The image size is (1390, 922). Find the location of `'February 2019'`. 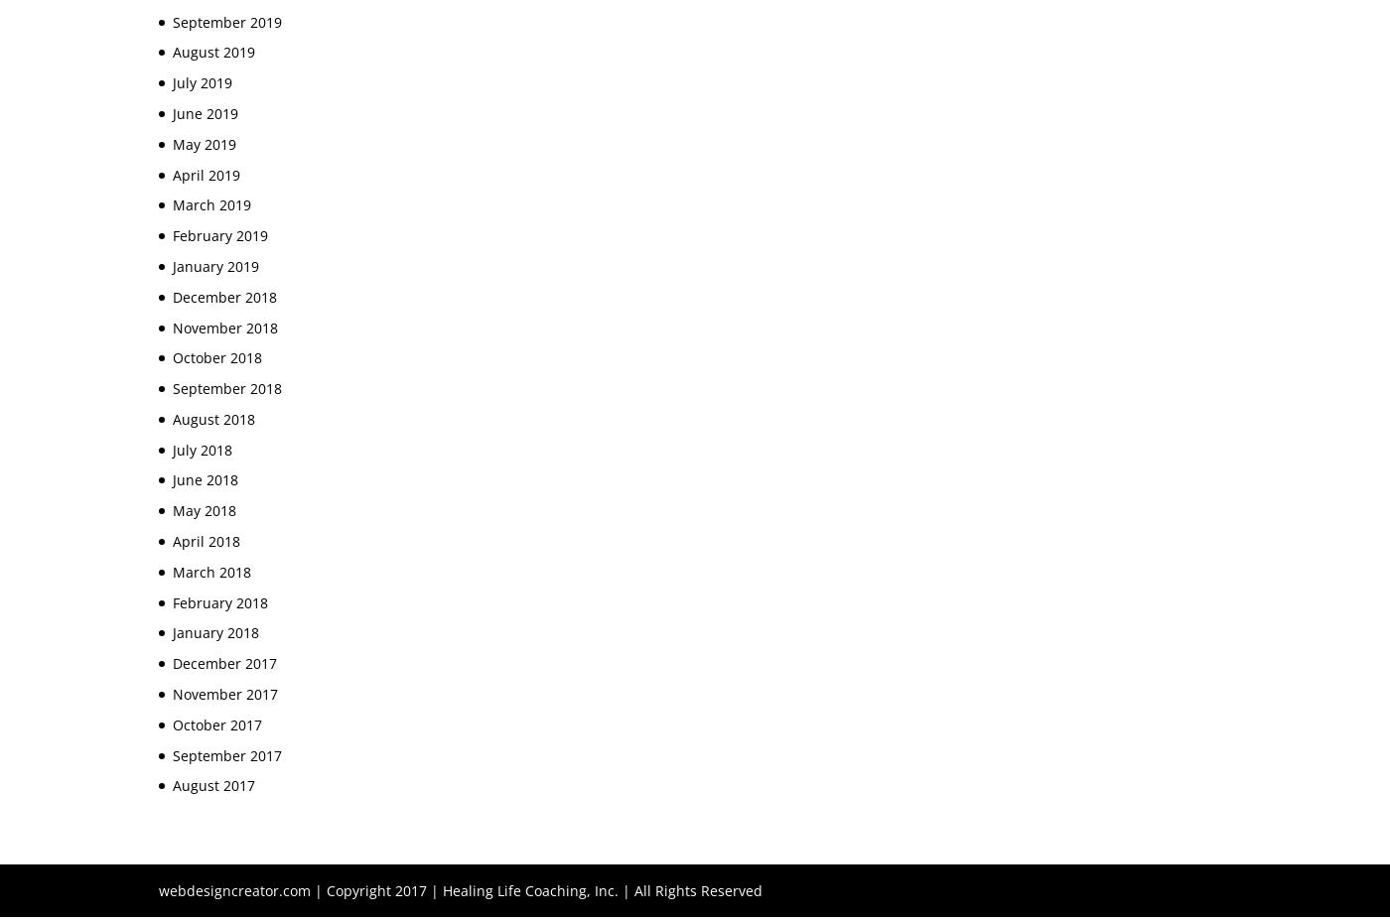

'February 2019' is located at coordinates (219, 234).